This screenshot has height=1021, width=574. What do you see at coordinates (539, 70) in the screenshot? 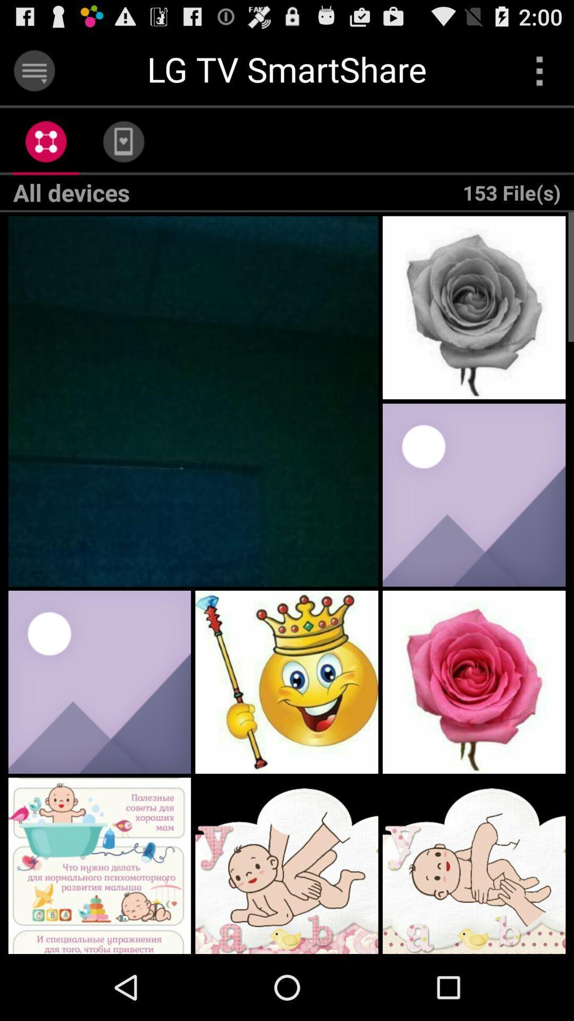
I see `more options` at bounding box center [539, 70].